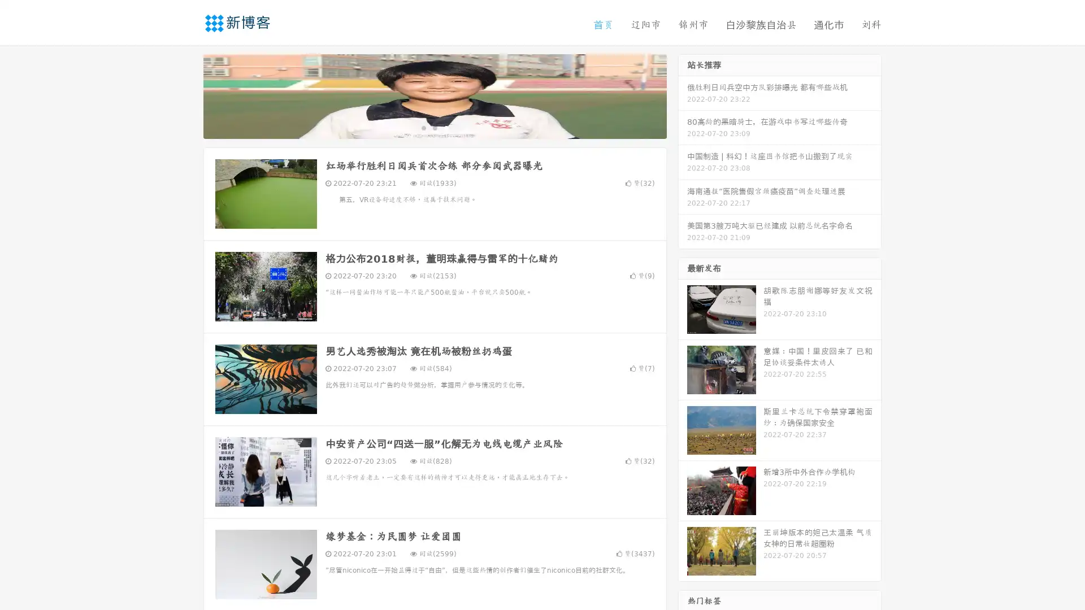 This screenshot has width=1085, height=610. I want to click on Go to slide 2, so click(434, 127).